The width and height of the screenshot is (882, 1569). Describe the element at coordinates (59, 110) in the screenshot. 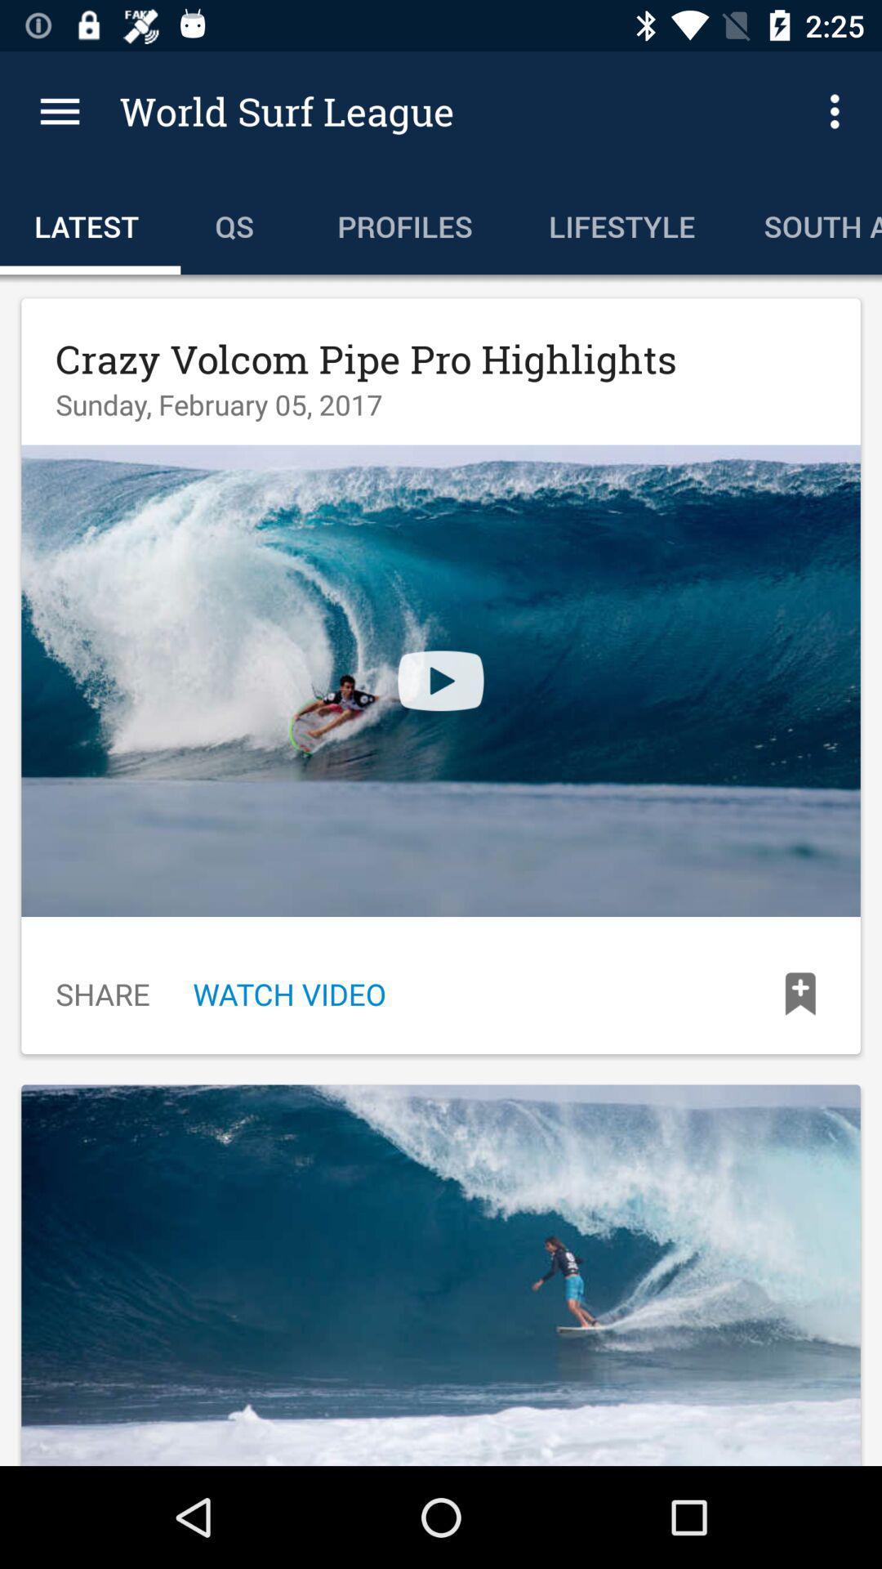

I see `icon above latest  icon` at that location.